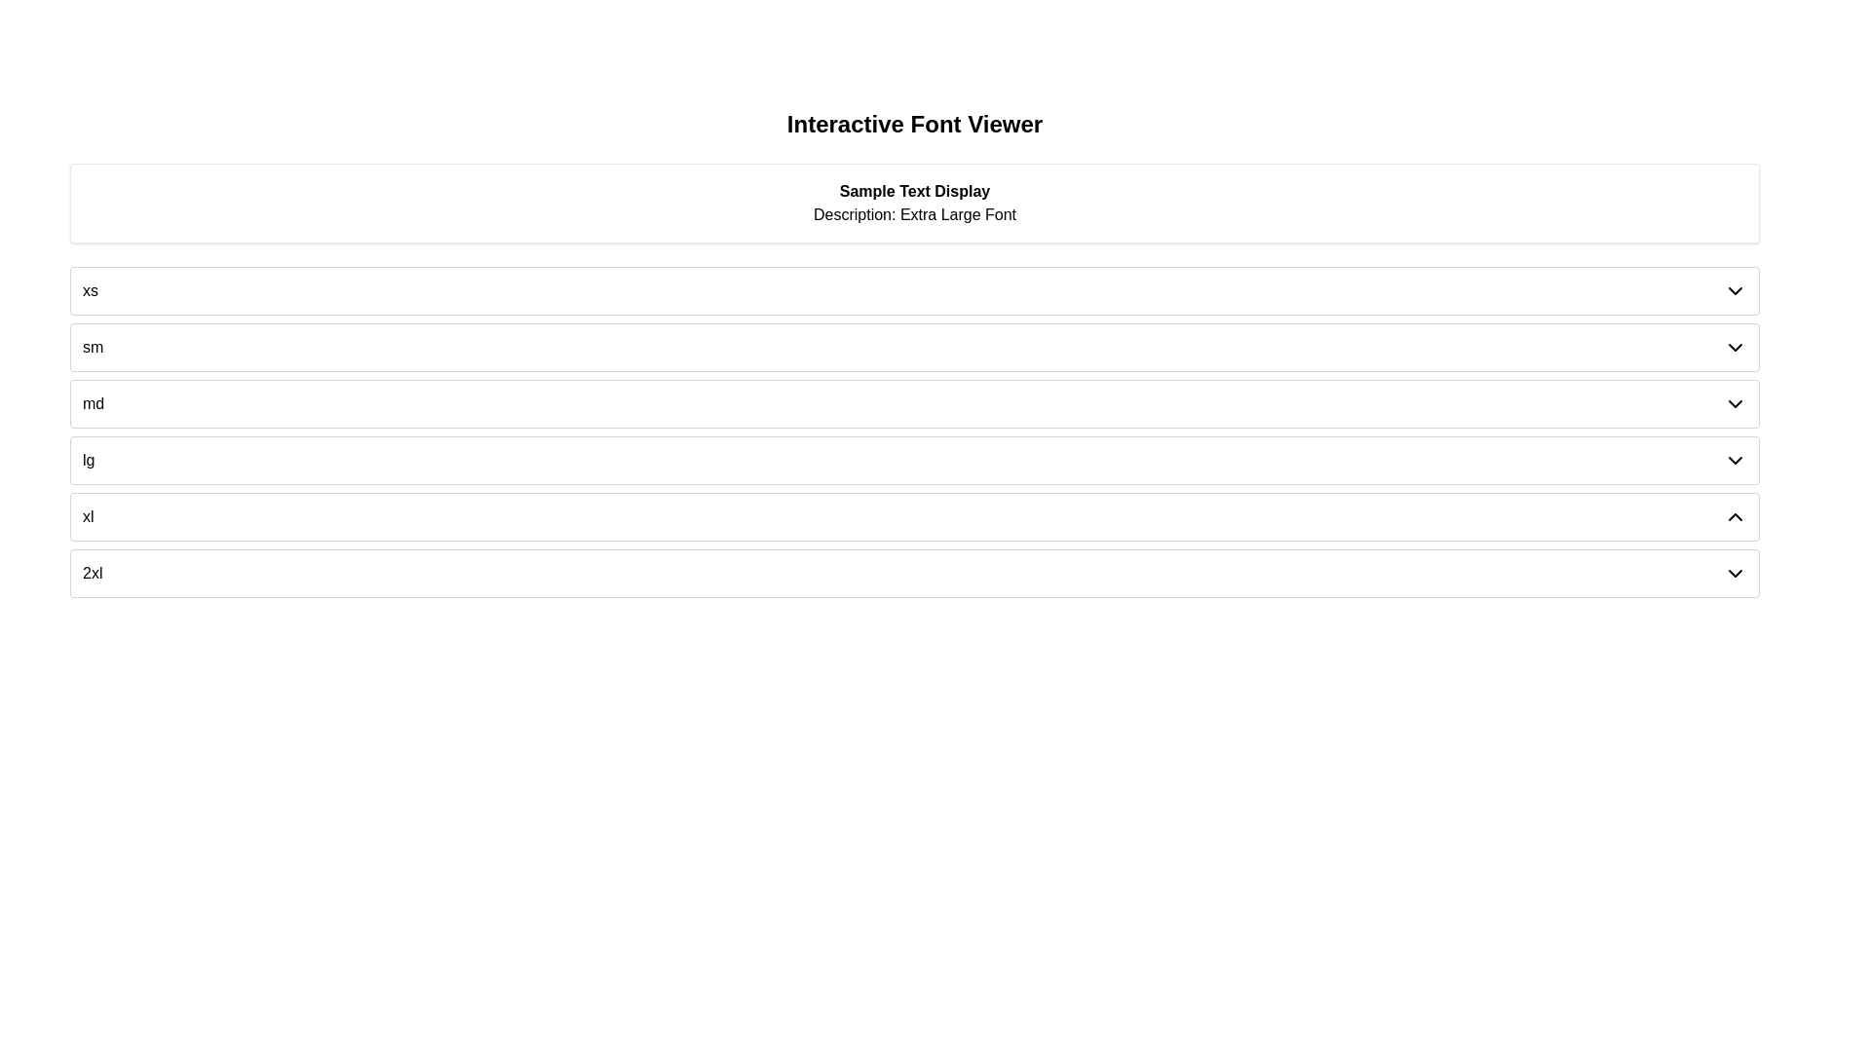 The height and width of the screenshot is (1052, 1871). I want to click on the chevron icon located in the rightmost section of the 'sm' button, so click(1735, 347).